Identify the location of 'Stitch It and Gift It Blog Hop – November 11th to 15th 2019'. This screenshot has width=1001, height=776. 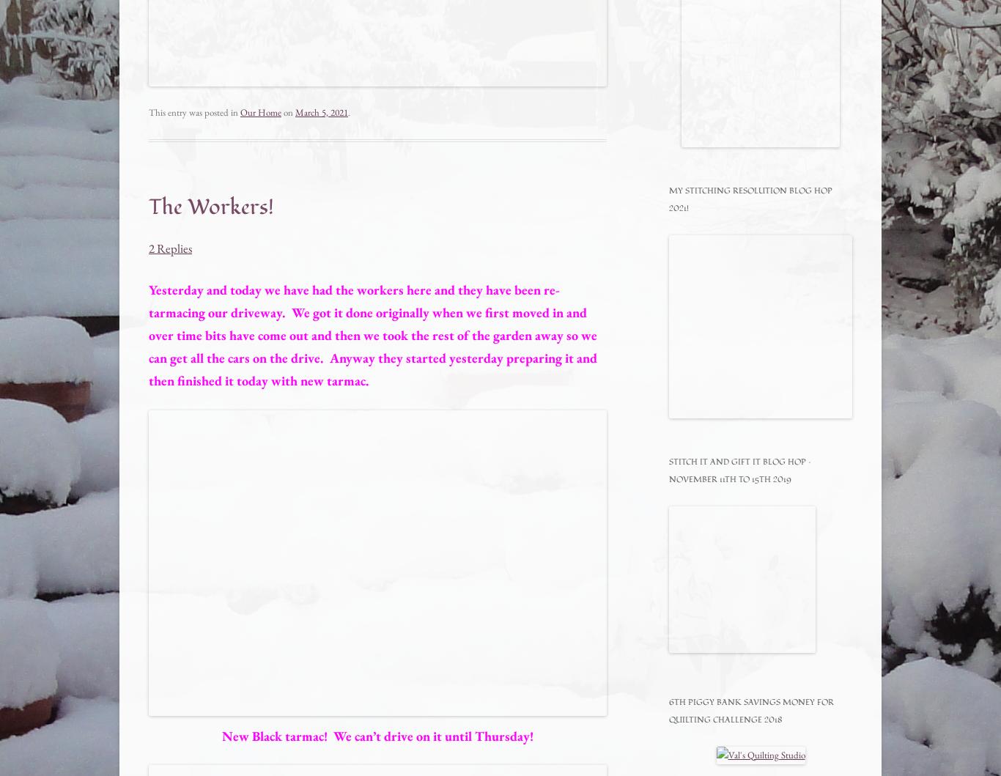
(669, 470).